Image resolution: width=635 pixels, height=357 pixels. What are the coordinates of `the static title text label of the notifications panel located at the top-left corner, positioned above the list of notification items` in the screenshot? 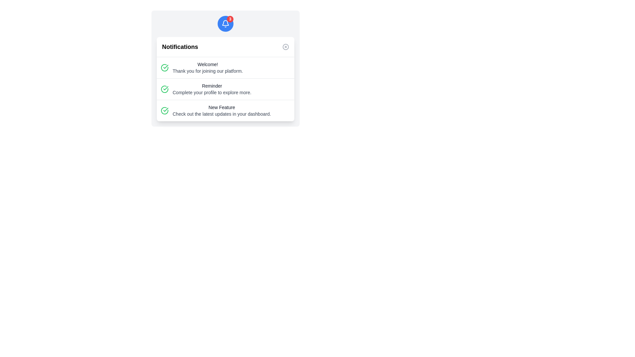 It's located at (180, 47).